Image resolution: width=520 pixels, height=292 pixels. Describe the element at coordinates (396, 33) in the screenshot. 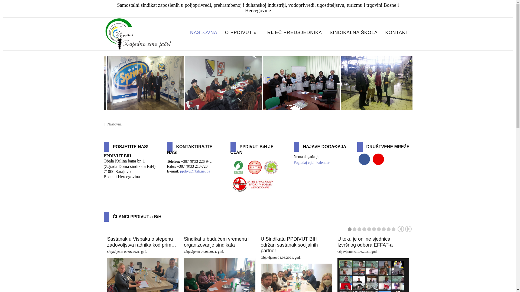

I see `'KONTAKT'` at that location.